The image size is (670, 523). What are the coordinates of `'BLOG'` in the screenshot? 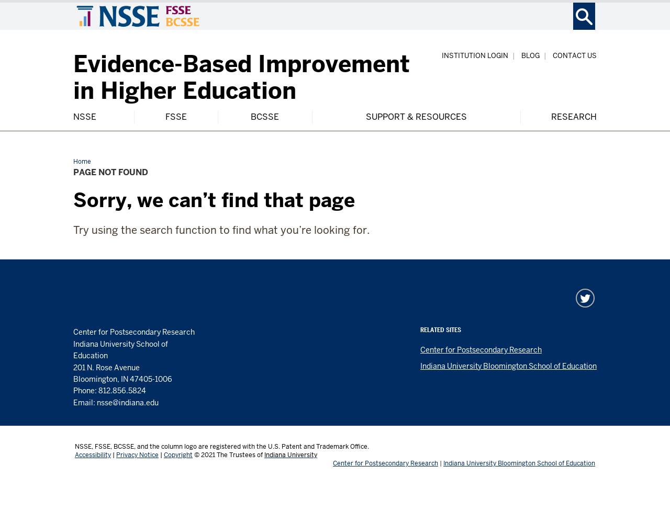 It's located at (530, 55).